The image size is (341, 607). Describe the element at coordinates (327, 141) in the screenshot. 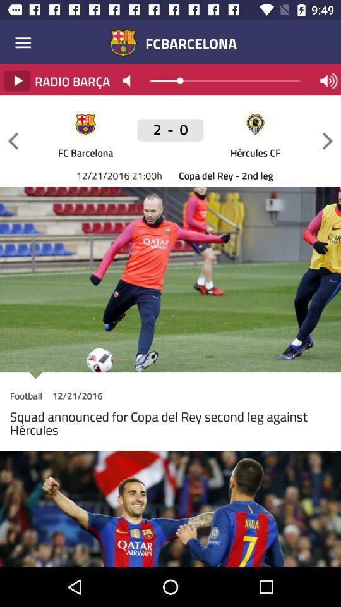

I see `next game` at that location.